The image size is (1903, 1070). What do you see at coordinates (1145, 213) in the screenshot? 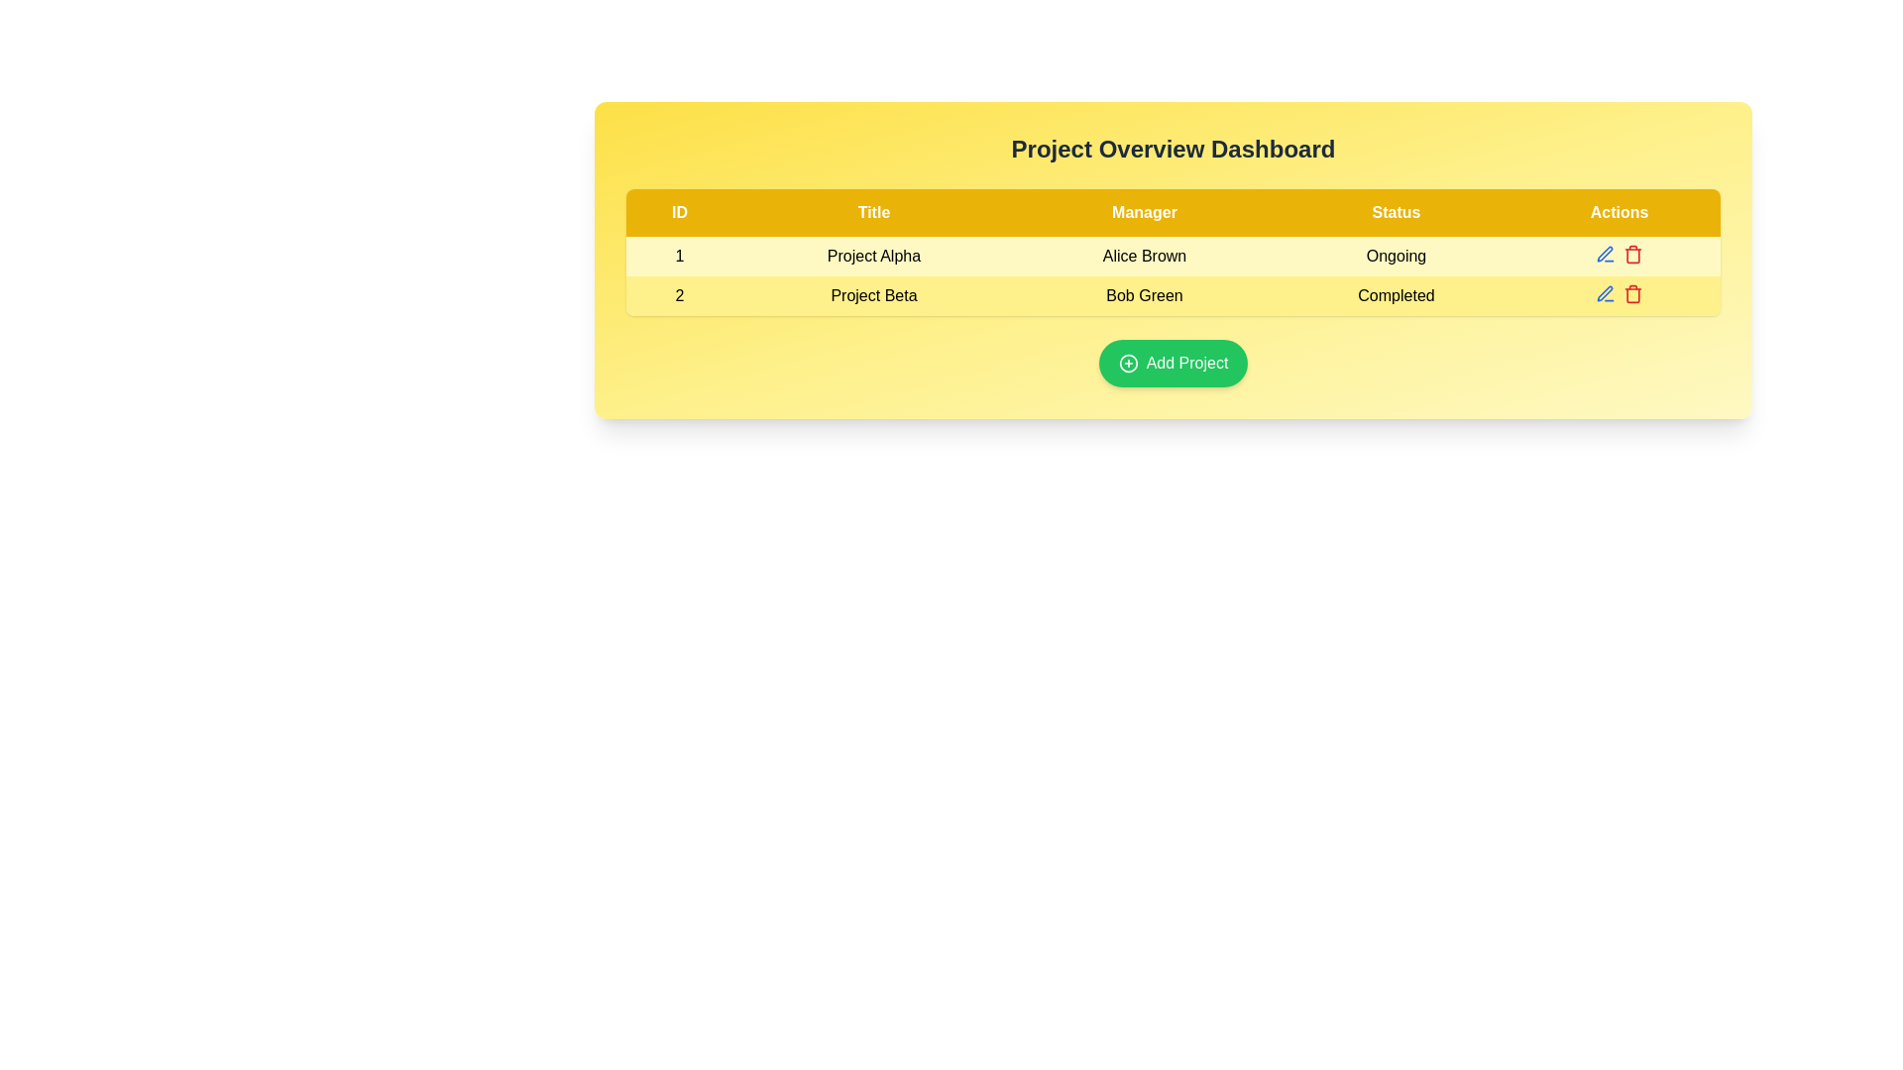
I see `the 'Manager' text label, which is the third header in a table layout, positioned between 'Title' and 'Status', and serves as a non-interactive informative element` at bounding box center [1145, 213].